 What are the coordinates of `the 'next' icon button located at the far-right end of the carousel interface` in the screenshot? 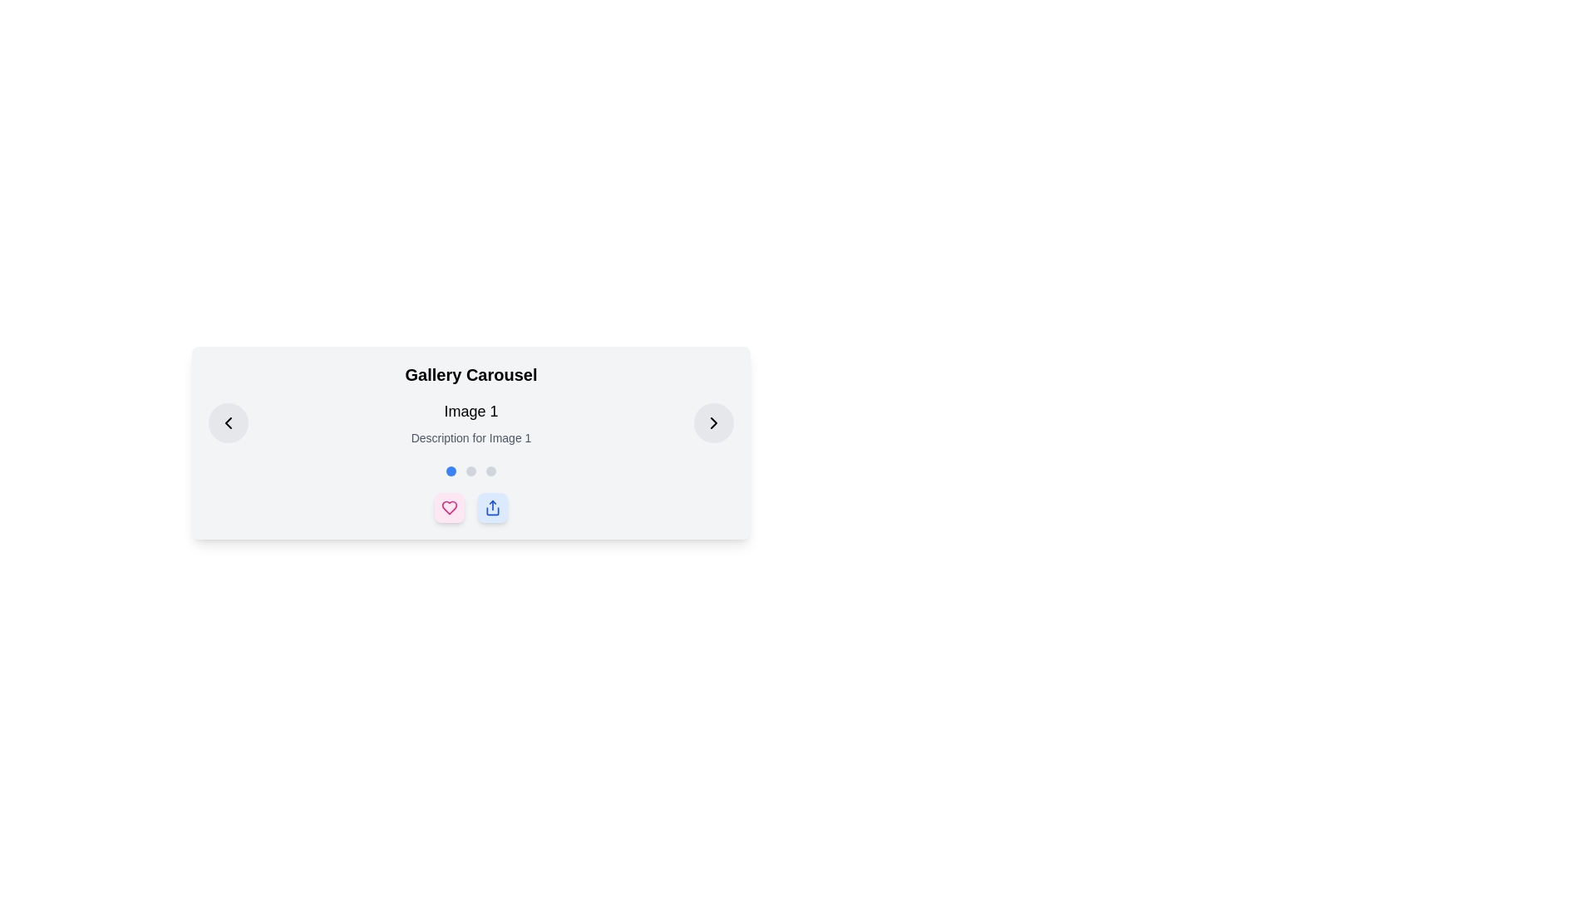 It's located at (714, 422).